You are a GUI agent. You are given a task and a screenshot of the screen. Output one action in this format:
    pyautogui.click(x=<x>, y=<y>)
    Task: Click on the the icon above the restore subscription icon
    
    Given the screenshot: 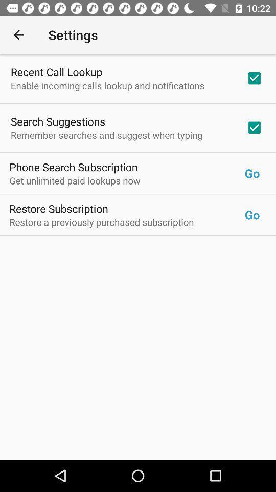 What is the action you would take?
    pyautogui.click(x=127, y=180)
    